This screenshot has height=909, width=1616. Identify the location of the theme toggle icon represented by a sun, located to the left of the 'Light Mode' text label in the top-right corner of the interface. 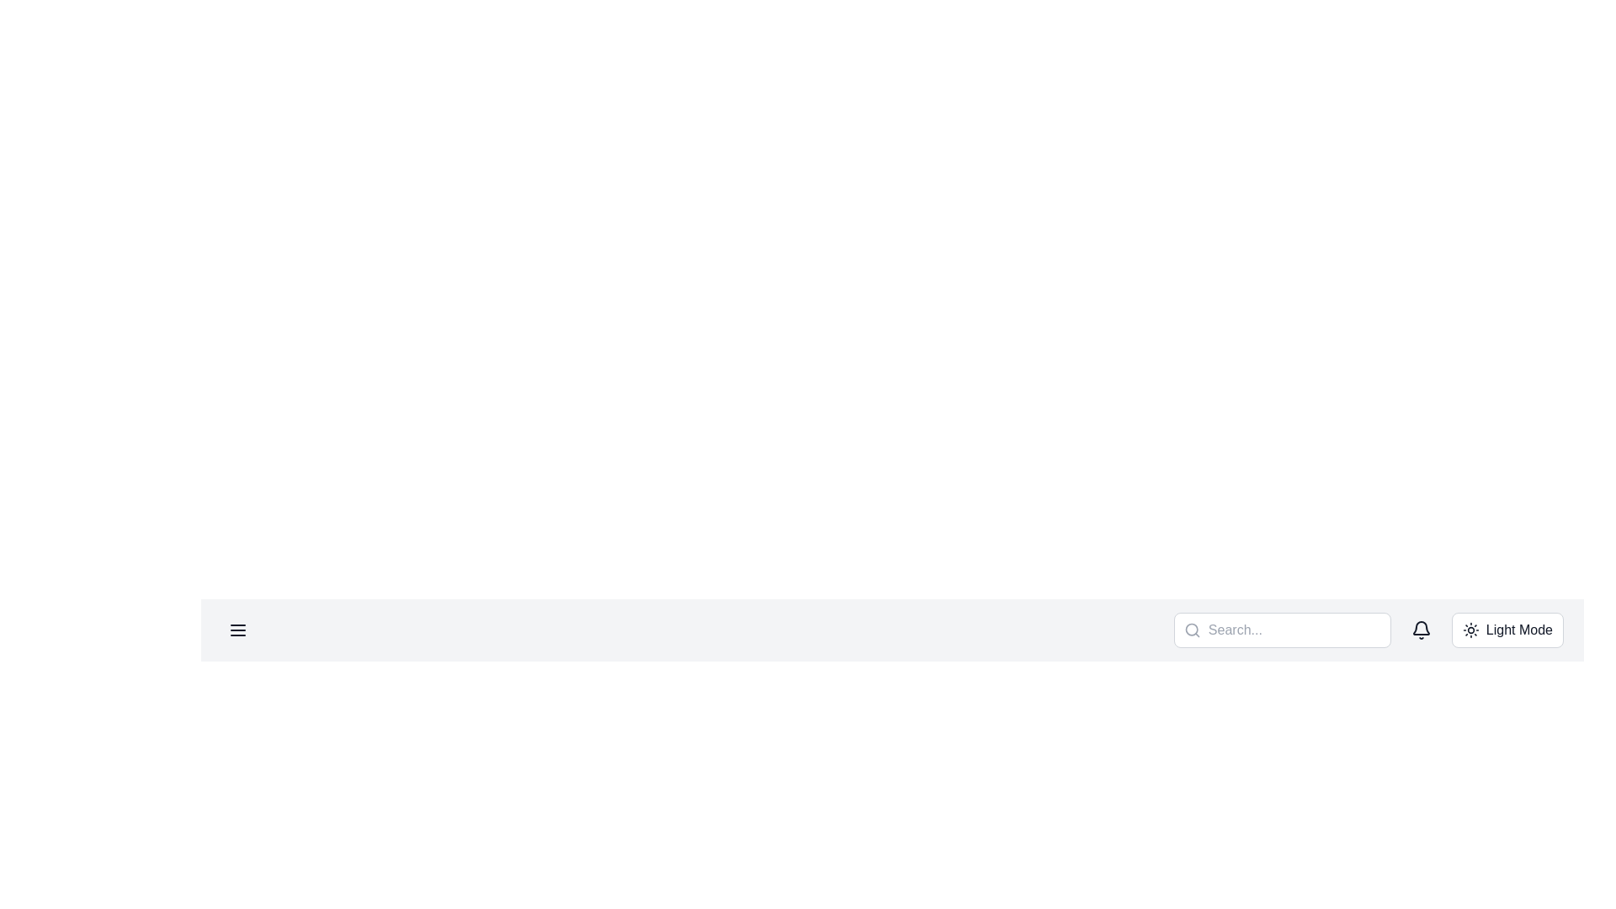
(1470, 630).